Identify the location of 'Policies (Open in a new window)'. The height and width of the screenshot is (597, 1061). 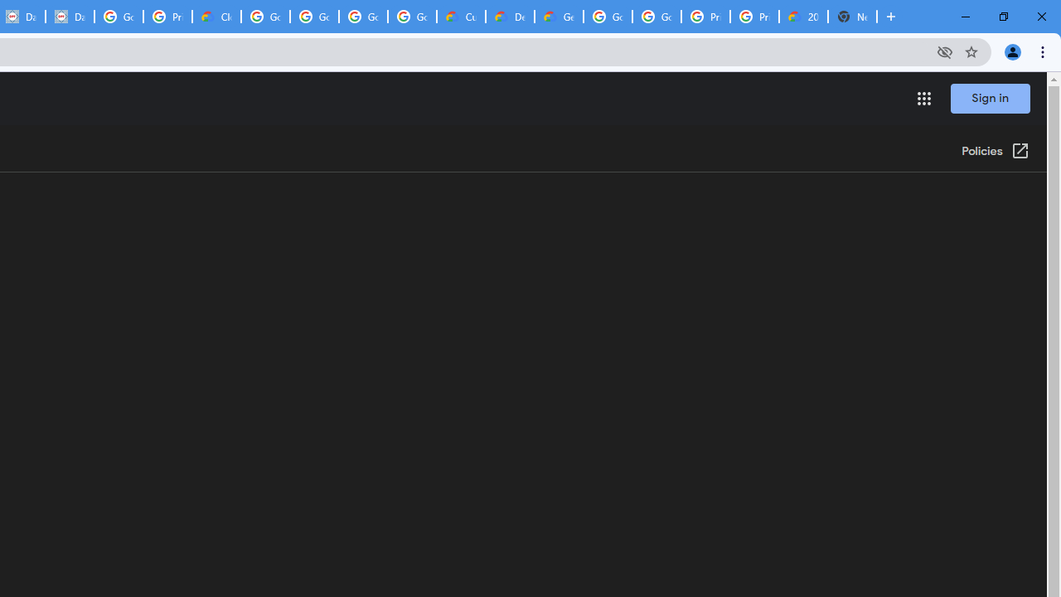
(995, 152).